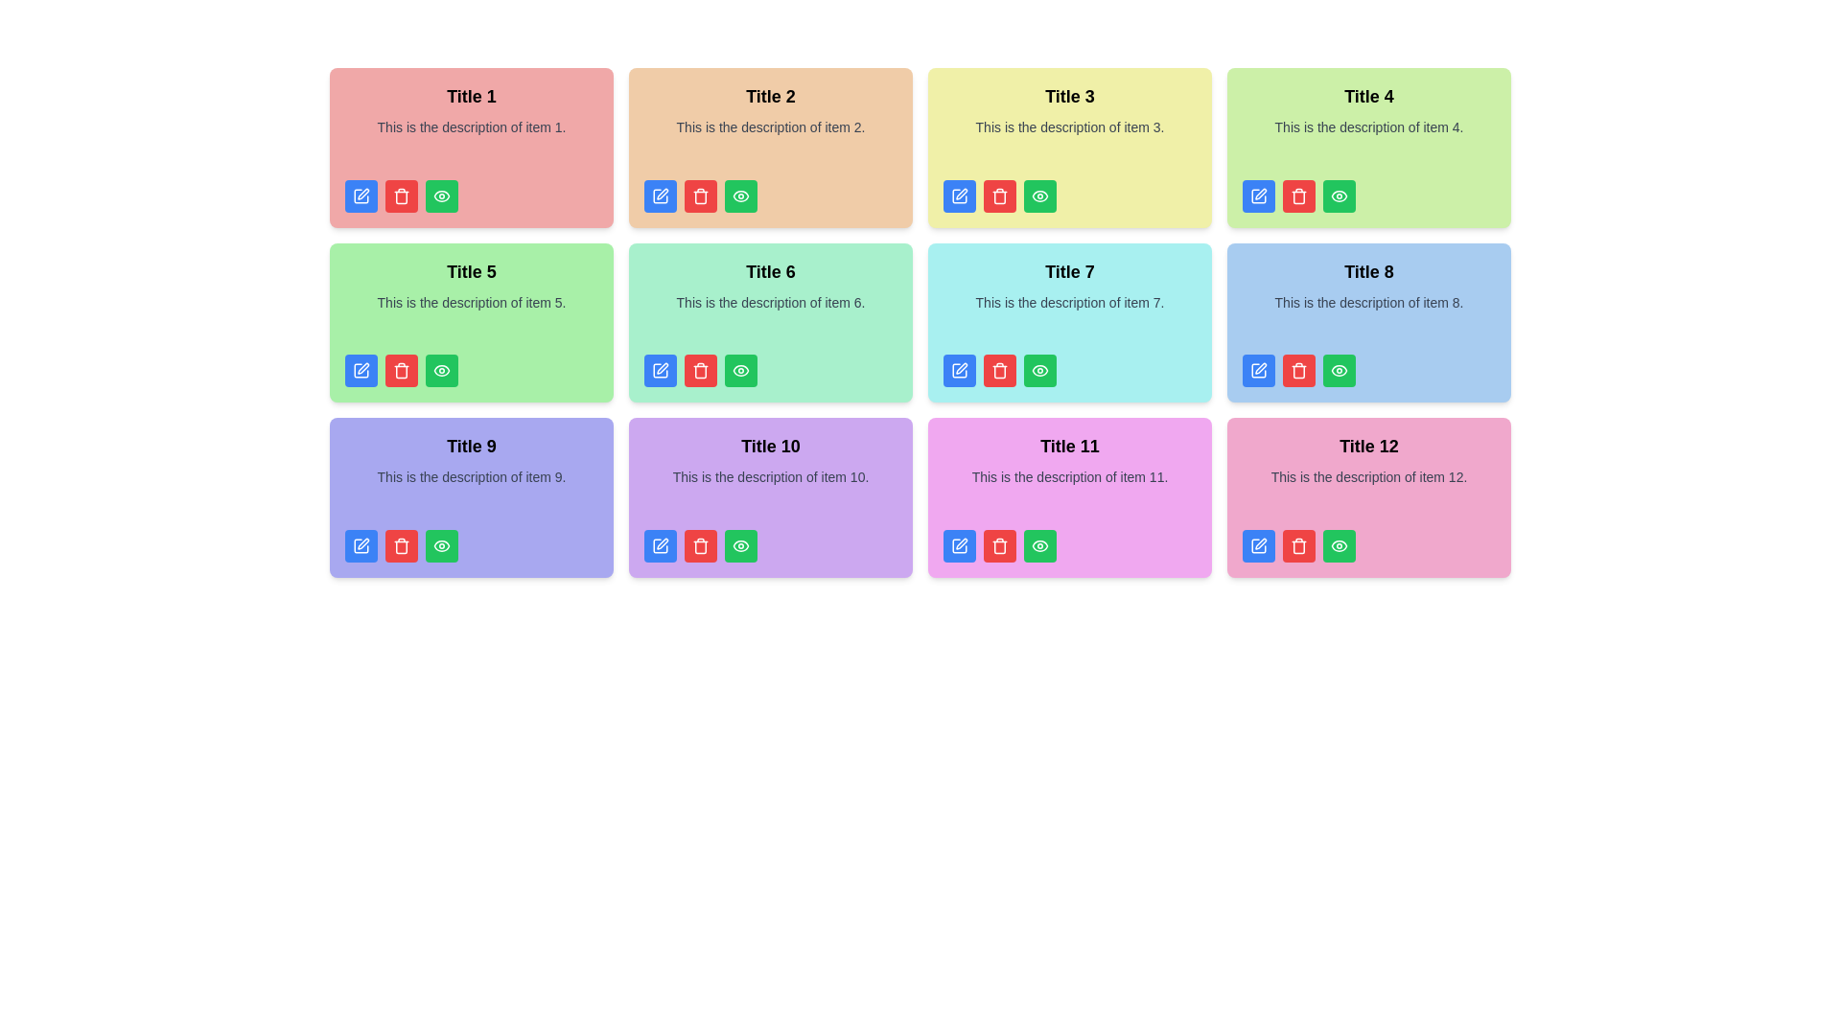  What do you see at coordinates (1298, 545) in the screenshot?
I see `the delete button with a trash can icon, which is the second button in a group of three, to observe the hover effect` at bounding box center [1298, 545].